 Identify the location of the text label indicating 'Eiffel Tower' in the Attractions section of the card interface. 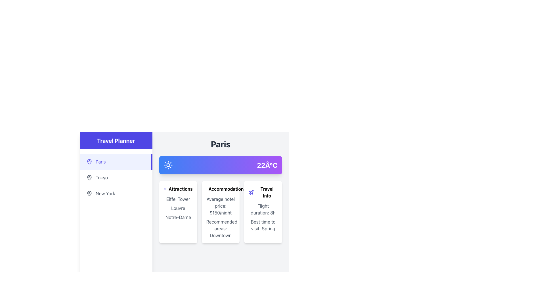
(178, 199).